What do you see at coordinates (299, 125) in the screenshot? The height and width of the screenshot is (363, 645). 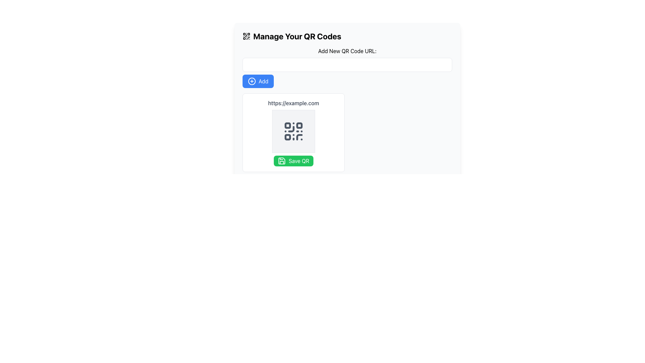 I see `the middle rounded rectangle of the QR code icon, which is the second component in a horizontal row of three rounded rectangles at the top of the QR code` at bounding box center [299, 125].